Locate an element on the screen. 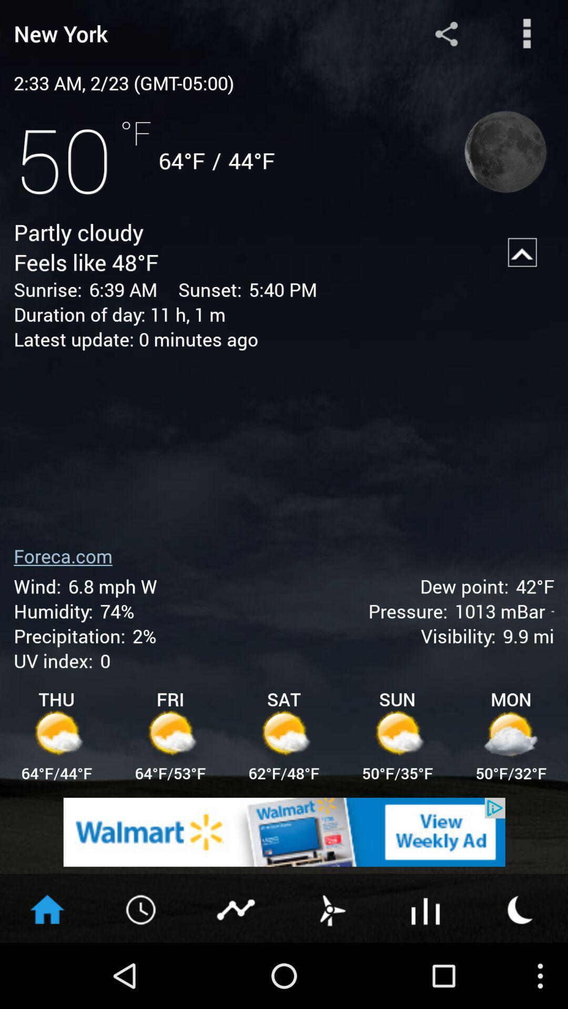 The height and width of the screenshot is (1009, 568). the icon below sat is located at coordinates (284, 734).